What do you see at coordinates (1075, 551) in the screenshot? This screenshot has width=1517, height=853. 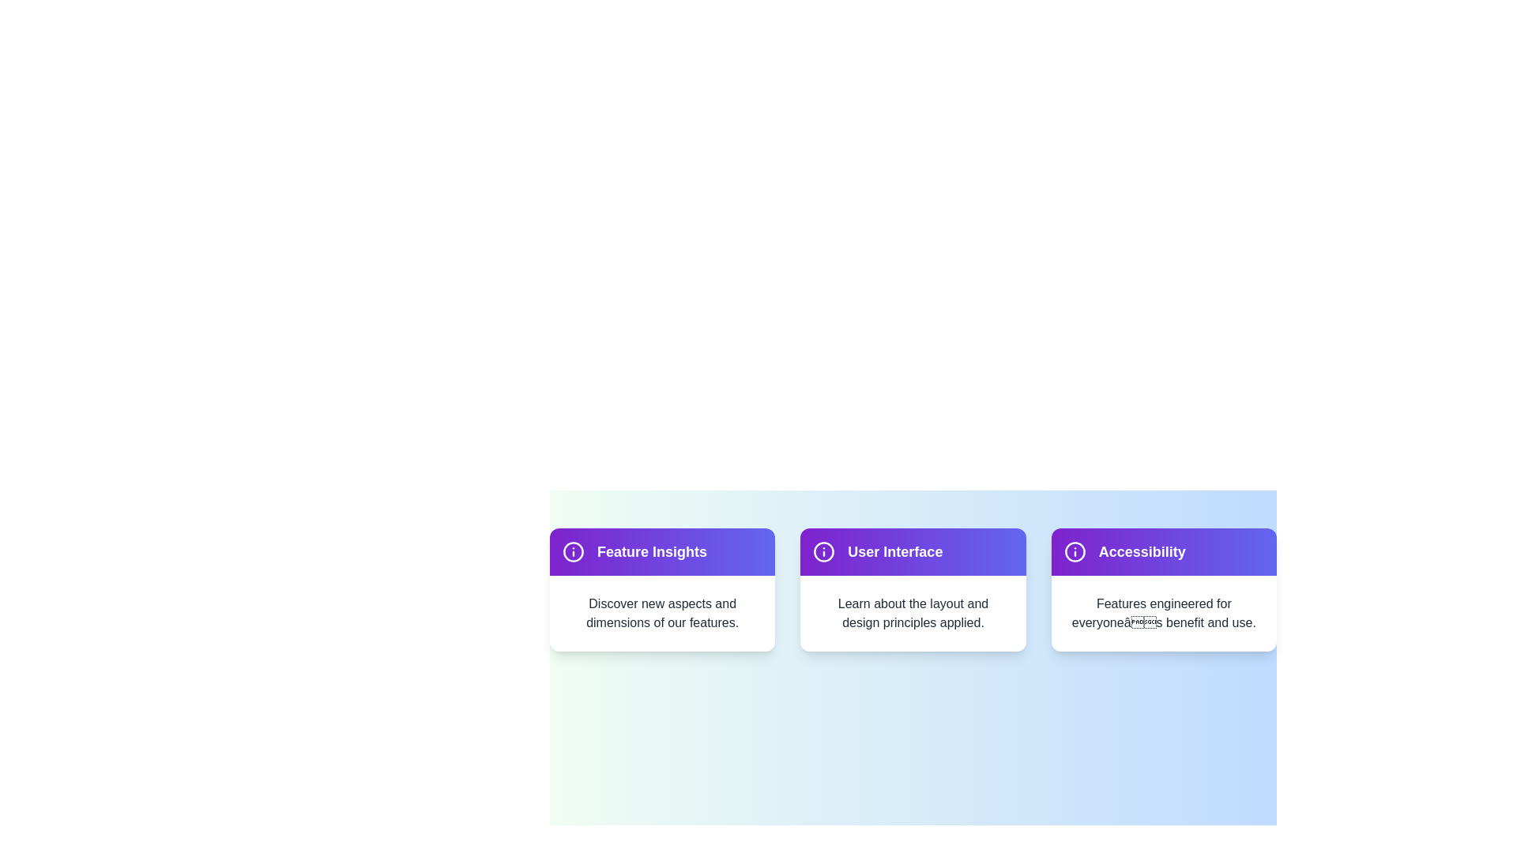 I see `the central circle of the SVG icon component located within the third card labeled 'Accessibility'` at bounding box center [1075, 551].